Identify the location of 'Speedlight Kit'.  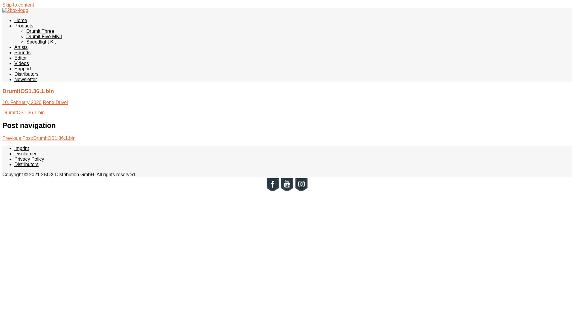
(41, 41).